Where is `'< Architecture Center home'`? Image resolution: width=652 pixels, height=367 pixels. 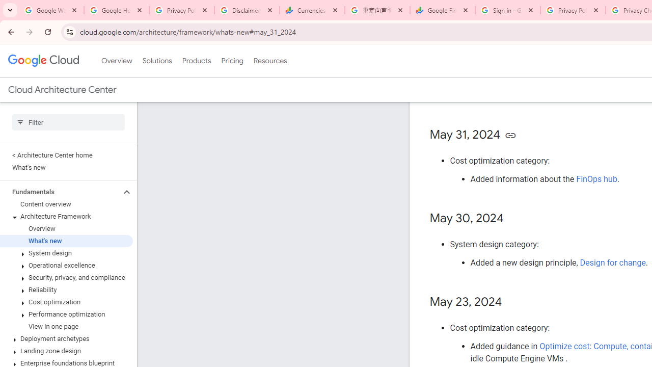 '< Architecture Center home' is located at coordinates (66, 155).